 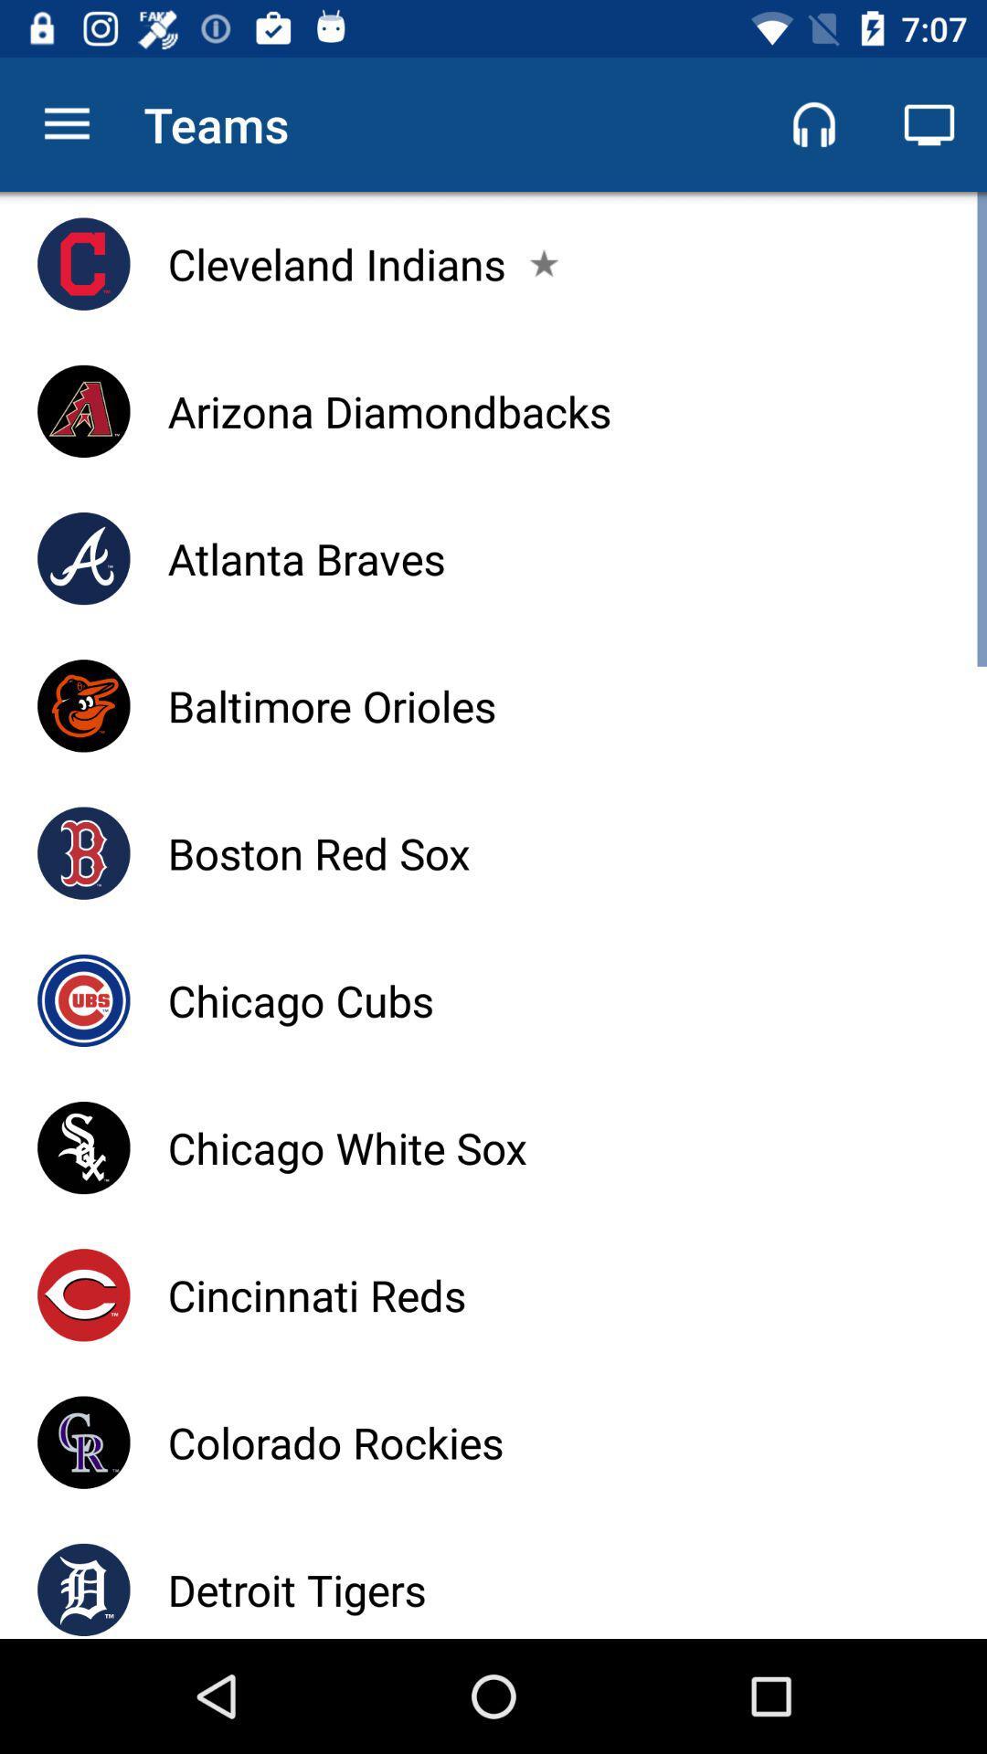 What do you see at coordinates (813, 123) in the screenshot?
I see `icon to the right of teams app` at bounding box center [813, 123].